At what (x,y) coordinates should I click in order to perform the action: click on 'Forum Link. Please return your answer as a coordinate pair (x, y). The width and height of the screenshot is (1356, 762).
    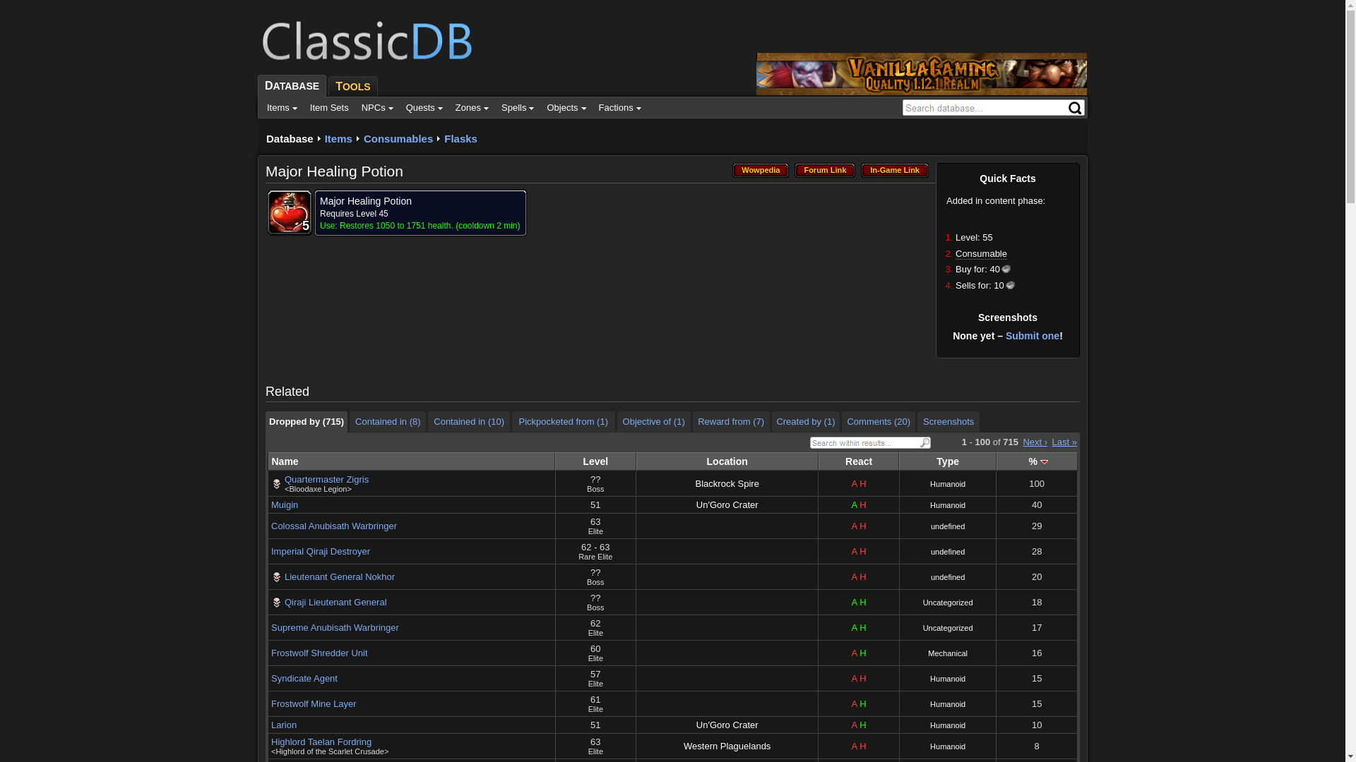
    Looking at the image, I should click on (824, 169).